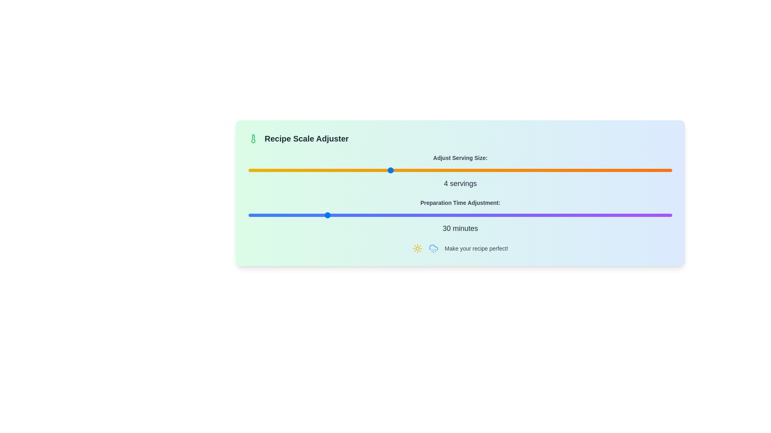 The width and height of the screenshot is (771, 433). I want to click on displayed text '30 minutes' from the Inline text element, which is styled with centered alignment and gray color, located below the gradient slider for 'Preparation Time Adjustment', so click(460, 229).